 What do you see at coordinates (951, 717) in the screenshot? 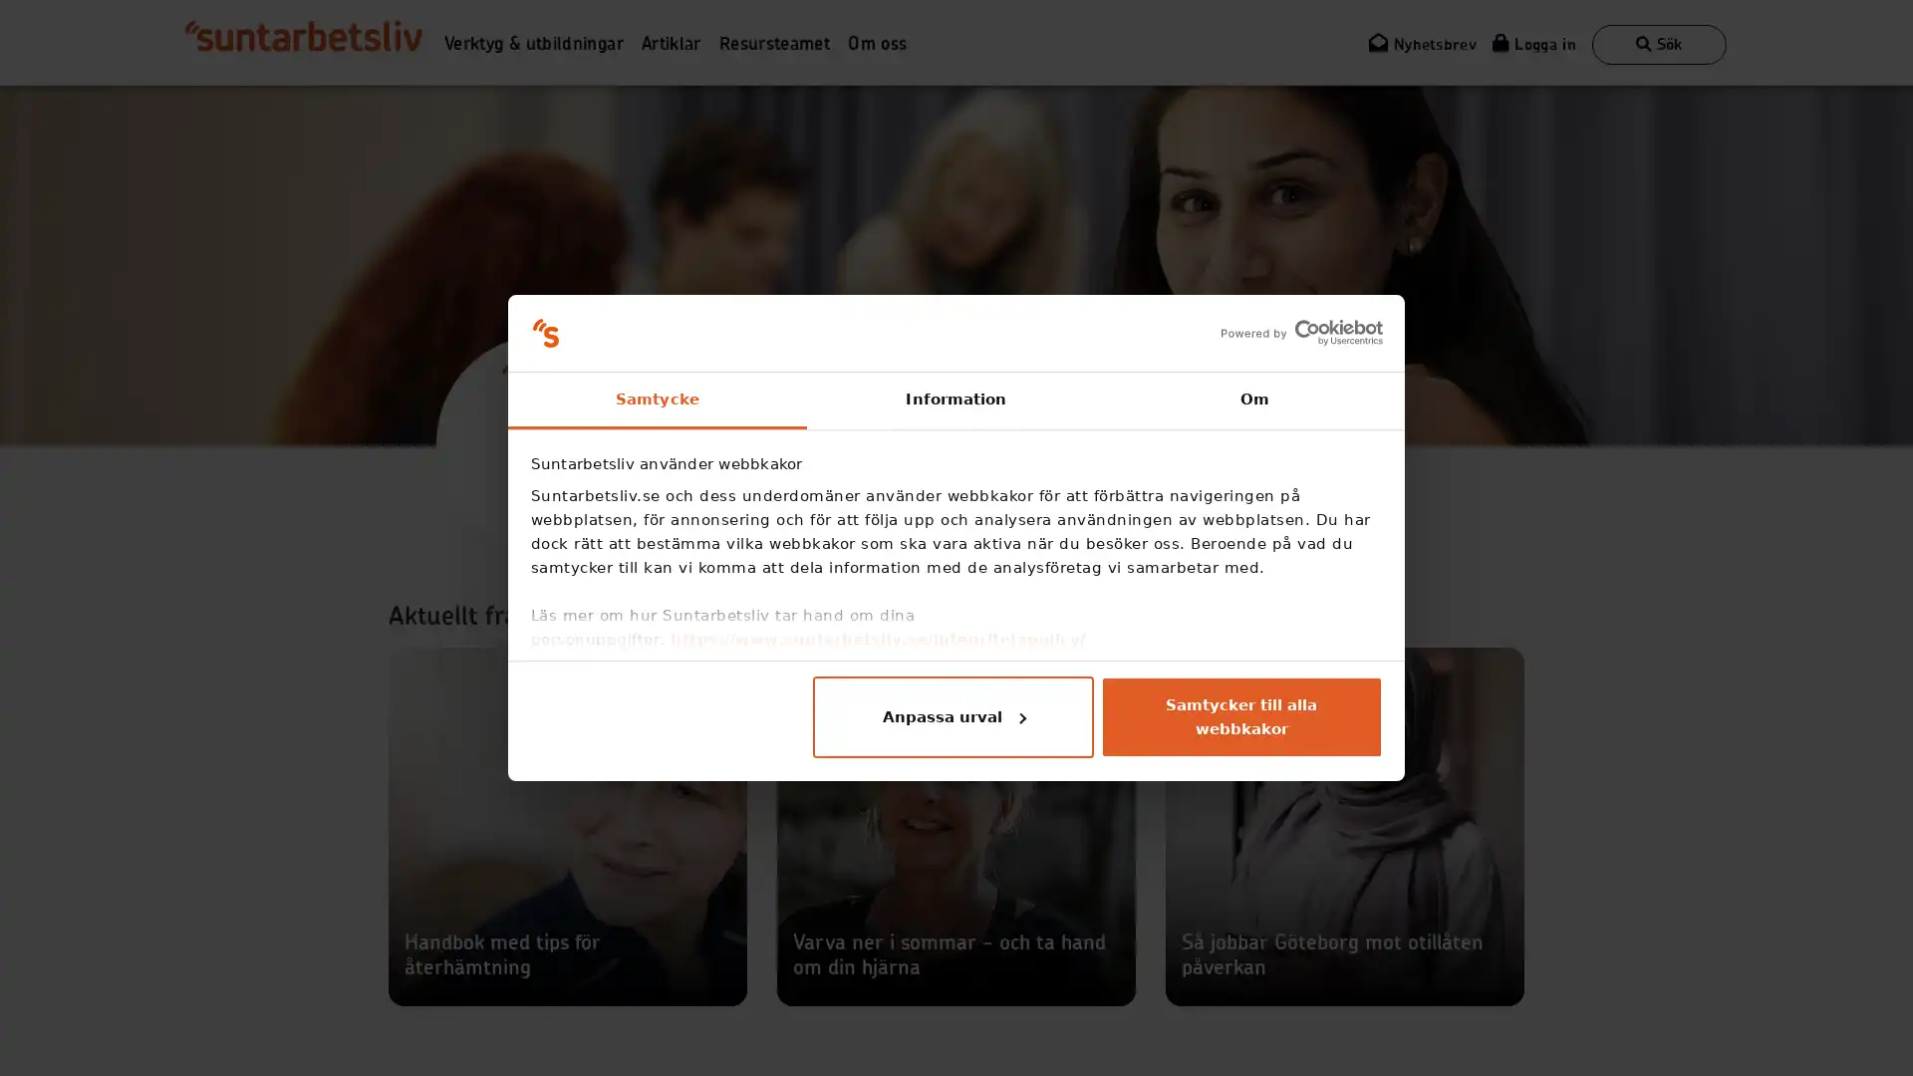
I see `Anpassa urval` at bounding box center [951, 717].